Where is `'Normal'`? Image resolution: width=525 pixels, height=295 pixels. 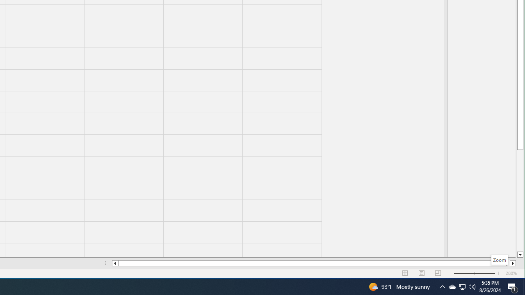
'Normal' is located at coordinates (405, 273).